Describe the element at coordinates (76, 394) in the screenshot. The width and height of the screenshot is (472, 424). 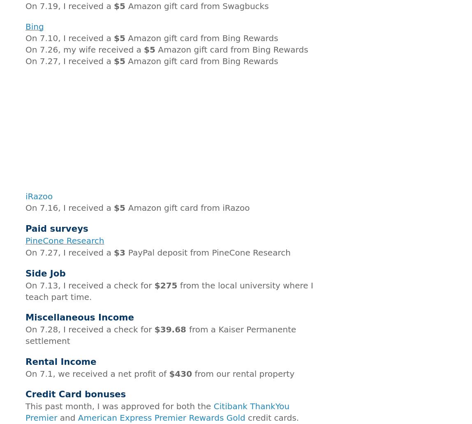
I see `'Credit Card bonuses'` at that location.